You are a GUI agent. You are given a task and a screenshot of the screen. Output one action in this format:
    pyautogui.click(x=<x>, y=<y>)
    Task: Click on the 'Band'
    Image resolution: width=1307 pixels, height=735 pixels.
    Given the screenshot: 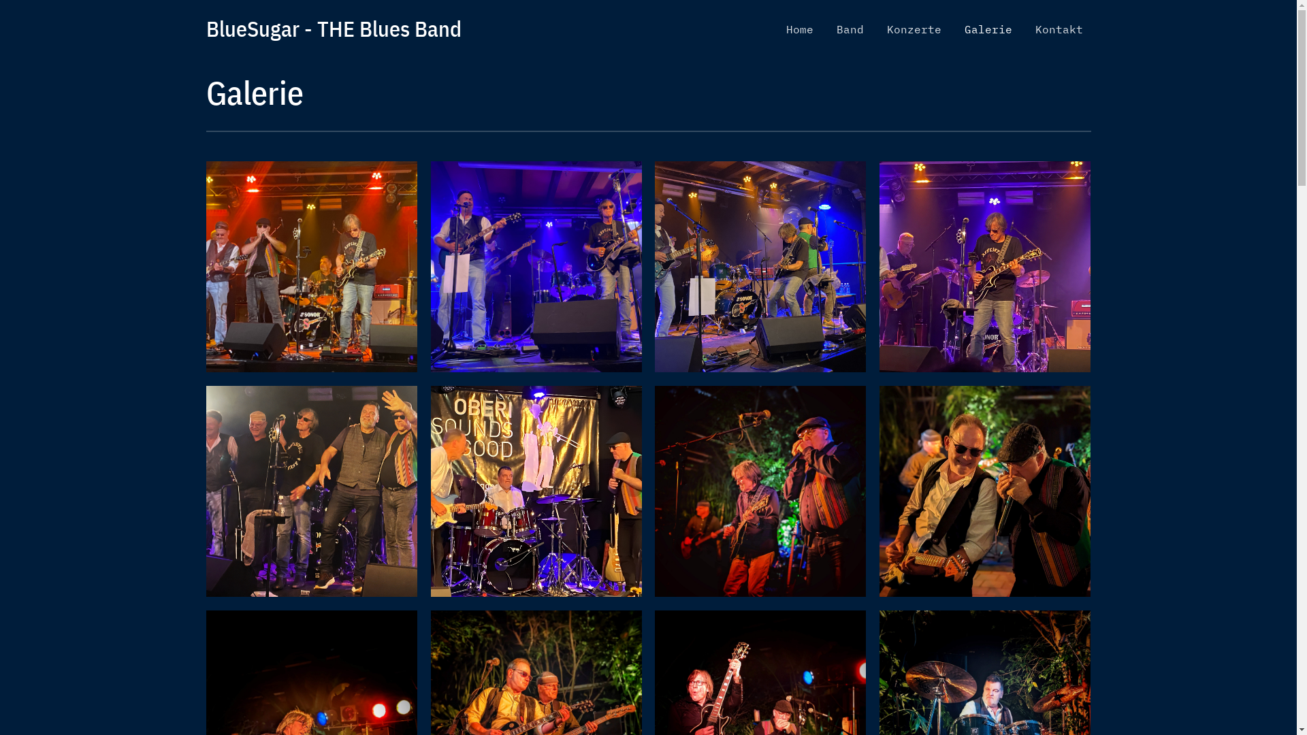 What is the action you would take?
    pyautogui.click(x=849, y=29)
    